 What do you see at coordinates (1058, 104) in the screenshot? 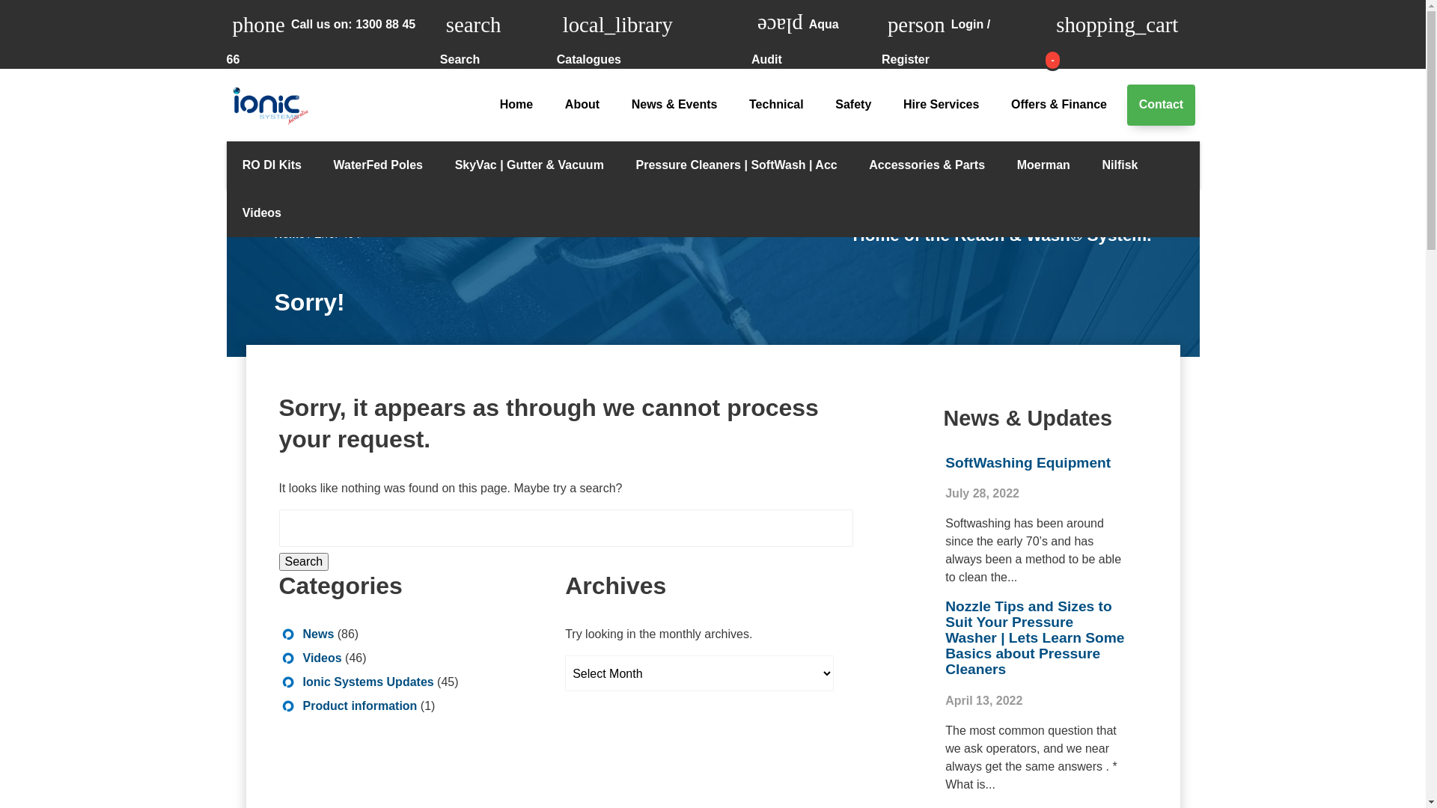
I see `'Offers & Finance'` at bounding box center [1058, 104].